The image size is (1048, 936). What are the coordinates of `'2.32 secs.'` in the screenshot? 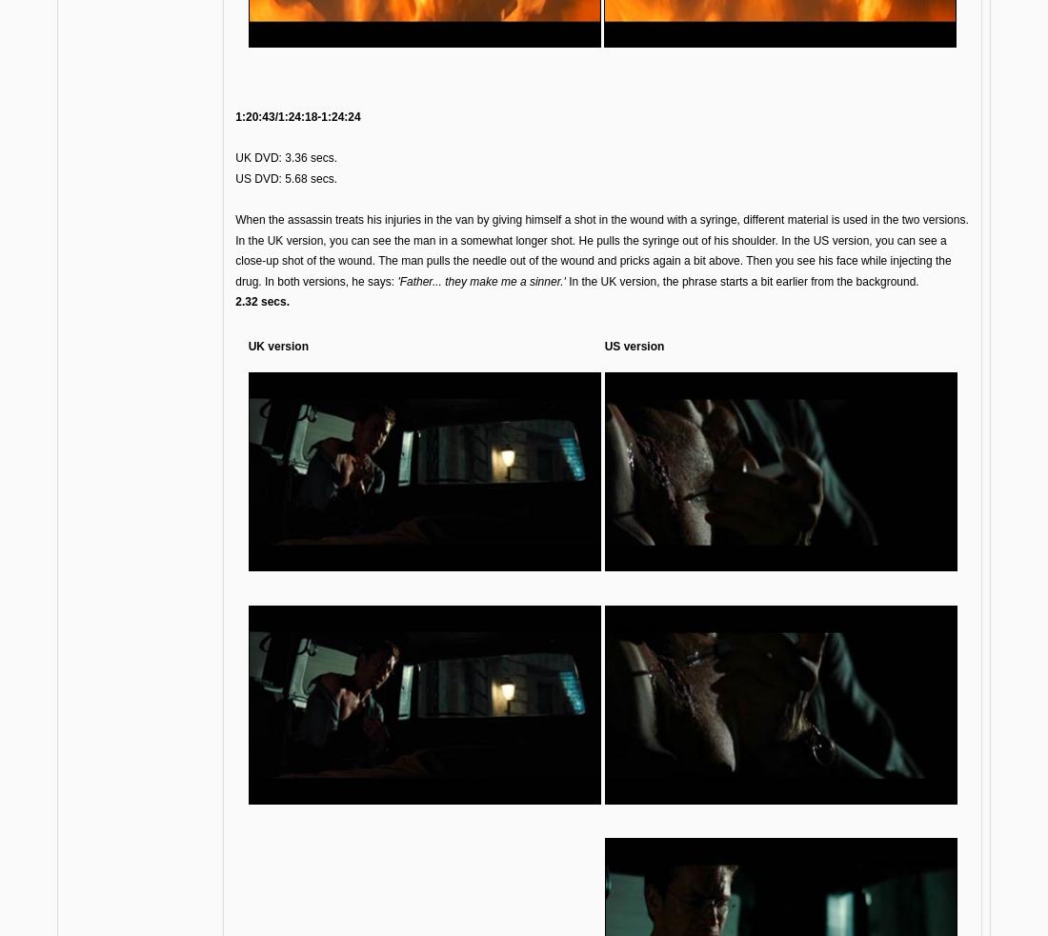 It's located at (262, 302).